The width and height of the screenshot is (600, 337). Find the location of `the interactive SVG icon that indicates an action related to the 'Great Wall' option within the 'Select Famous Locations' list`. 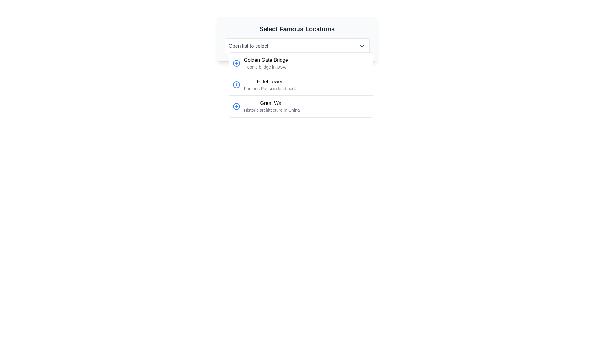

the interactive SVG icon that indicates an action related to the 'Great Wall' option within the 'Select Famous Locations' list is located at coordinates (236, 106).